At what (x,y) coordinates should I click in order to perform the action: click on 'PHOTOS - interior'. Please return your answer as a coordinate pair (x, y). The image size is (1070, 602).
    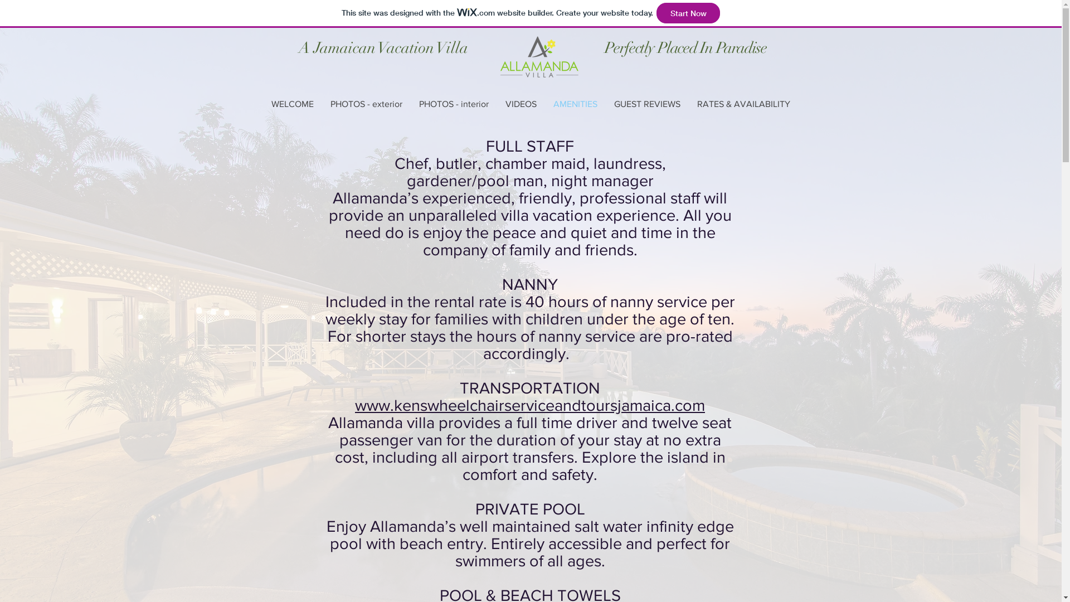
    Looking at the image, I should click on (453, 104).